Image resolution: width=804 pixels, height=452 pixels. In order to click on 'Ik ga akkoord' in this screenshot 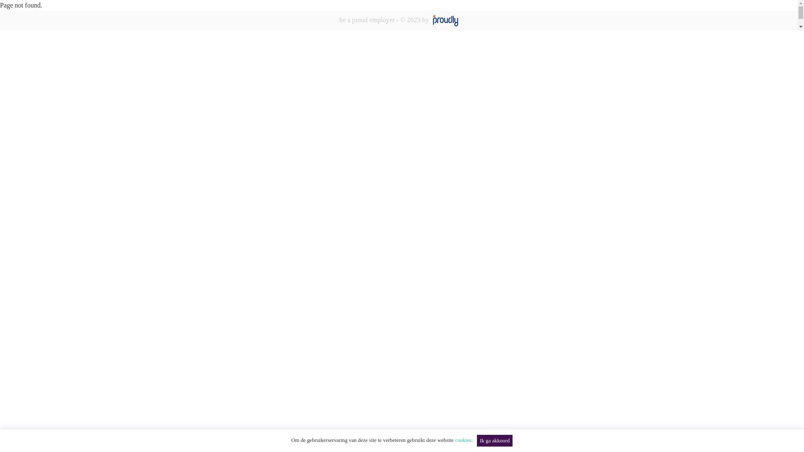, I will do `click(495, 440)`.